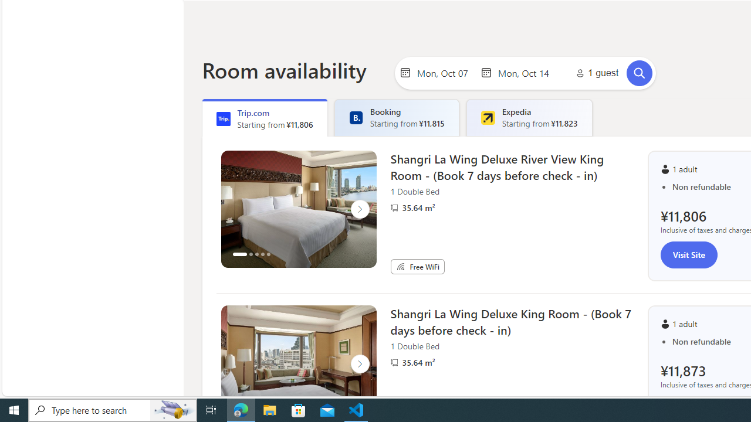 Image resolution: width=751 pixels, height=422 pixels. What do you see at coordinates (595, 73) in the screenshot?
I see `'1 guest'` at bounding box center [595, 73].